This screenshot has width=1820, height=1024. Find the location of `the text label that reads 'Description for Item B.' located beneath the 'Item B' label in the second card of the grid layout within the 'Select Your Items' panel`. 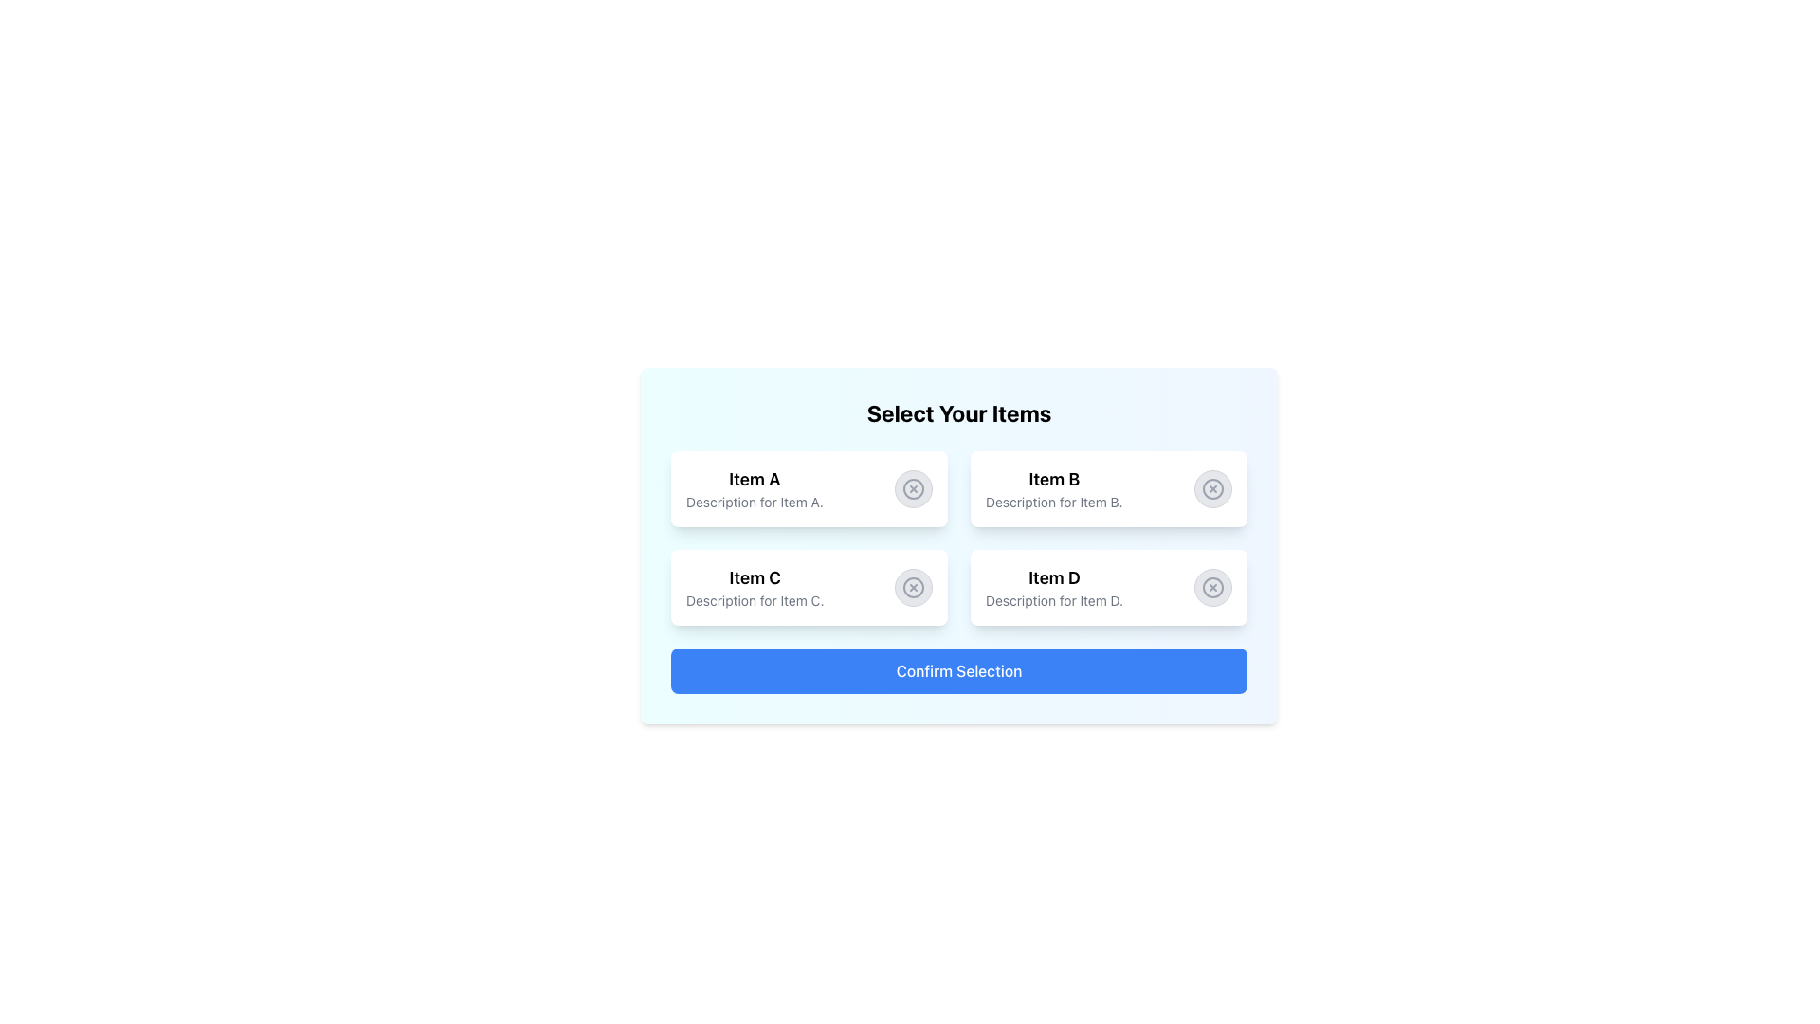

the text label that reads 'Description for Item B.' located beneath the 'Item B' label in the second card of the grid layout within the 'Select Your Items' panel is located at coordinates (1053, 501).